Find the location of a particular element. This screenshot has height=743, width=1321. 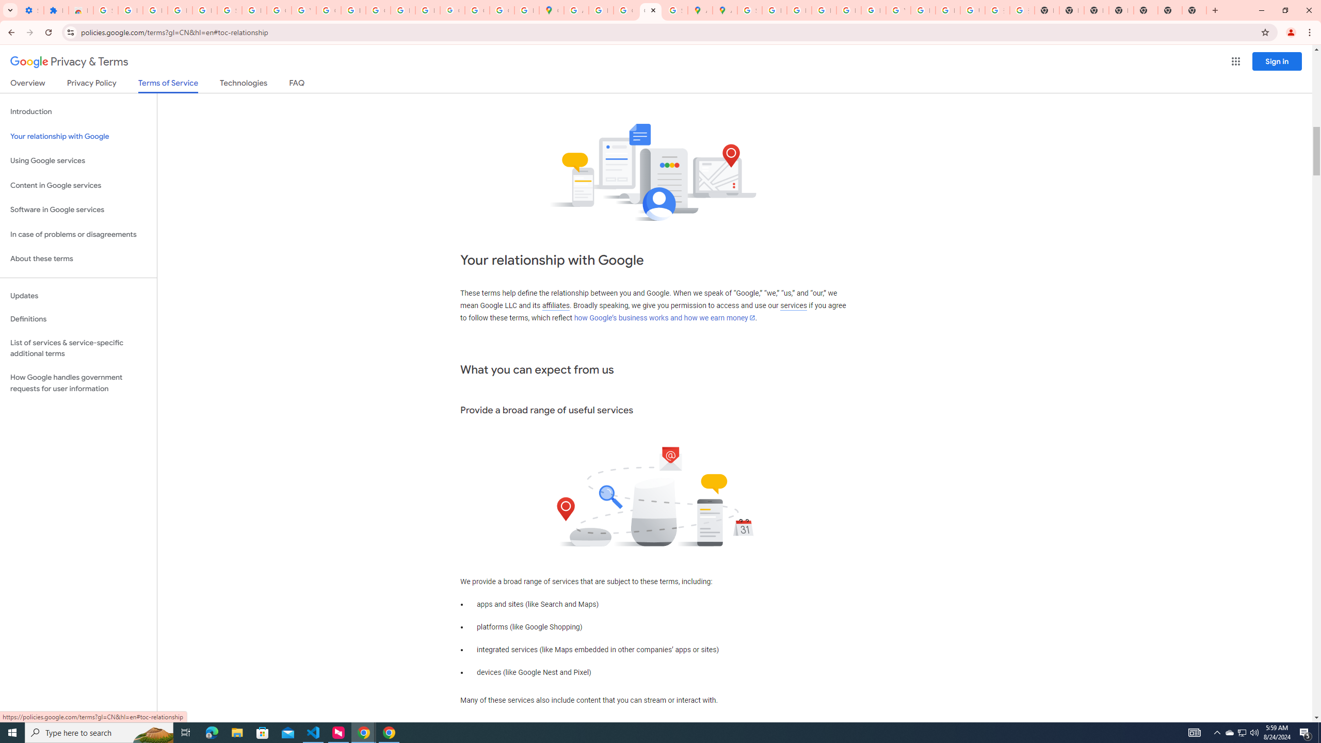

'services' is located at coordinates (793, 305).